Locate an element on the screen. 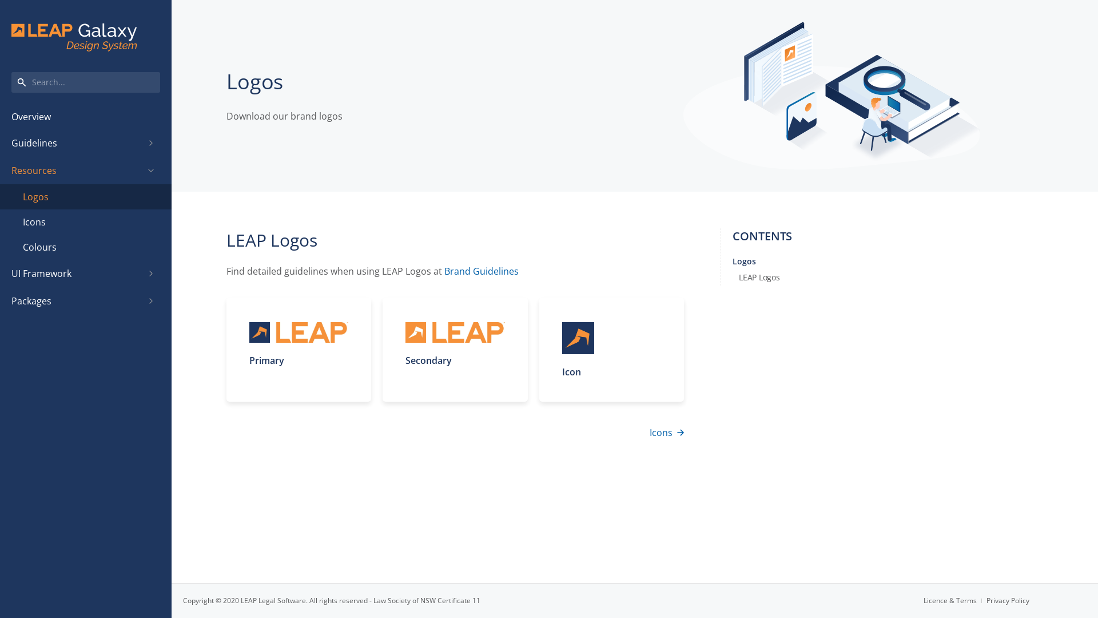  'Licence & Terms' is located at coordinates (955, 600).